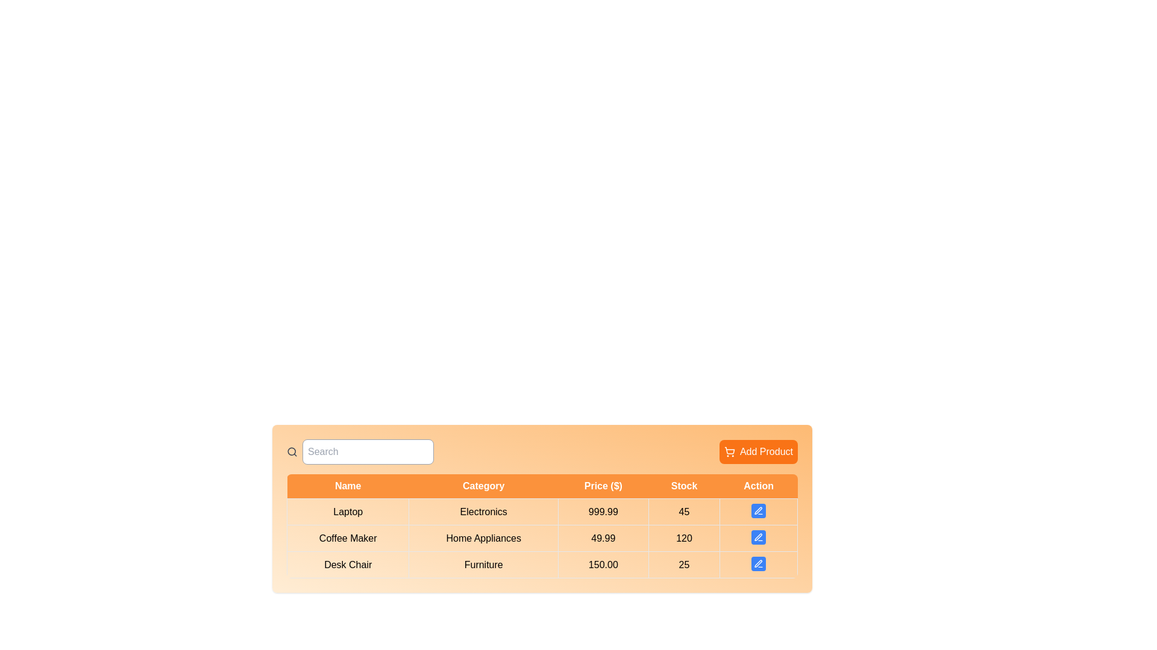 This screenshot has height=650, width=1157. What do you see at coordinates (758, 564) in the screenshot?
I see `the action button with an icon for the 'Desk Chair' product located in the 'Action' column of the products table` at bounding box center [758, 564].